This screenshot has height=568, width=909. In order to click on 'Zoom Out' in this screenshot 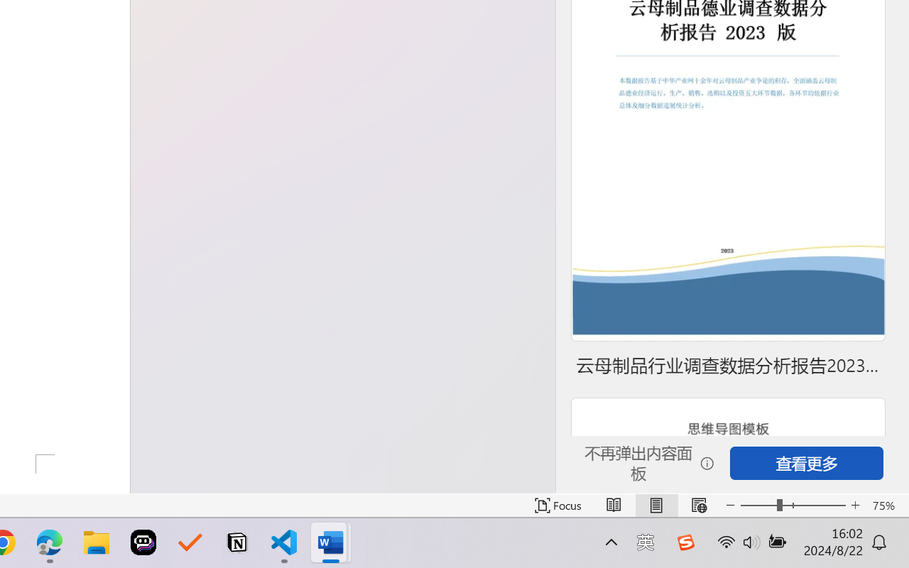, I will do `click(758, 505)`.